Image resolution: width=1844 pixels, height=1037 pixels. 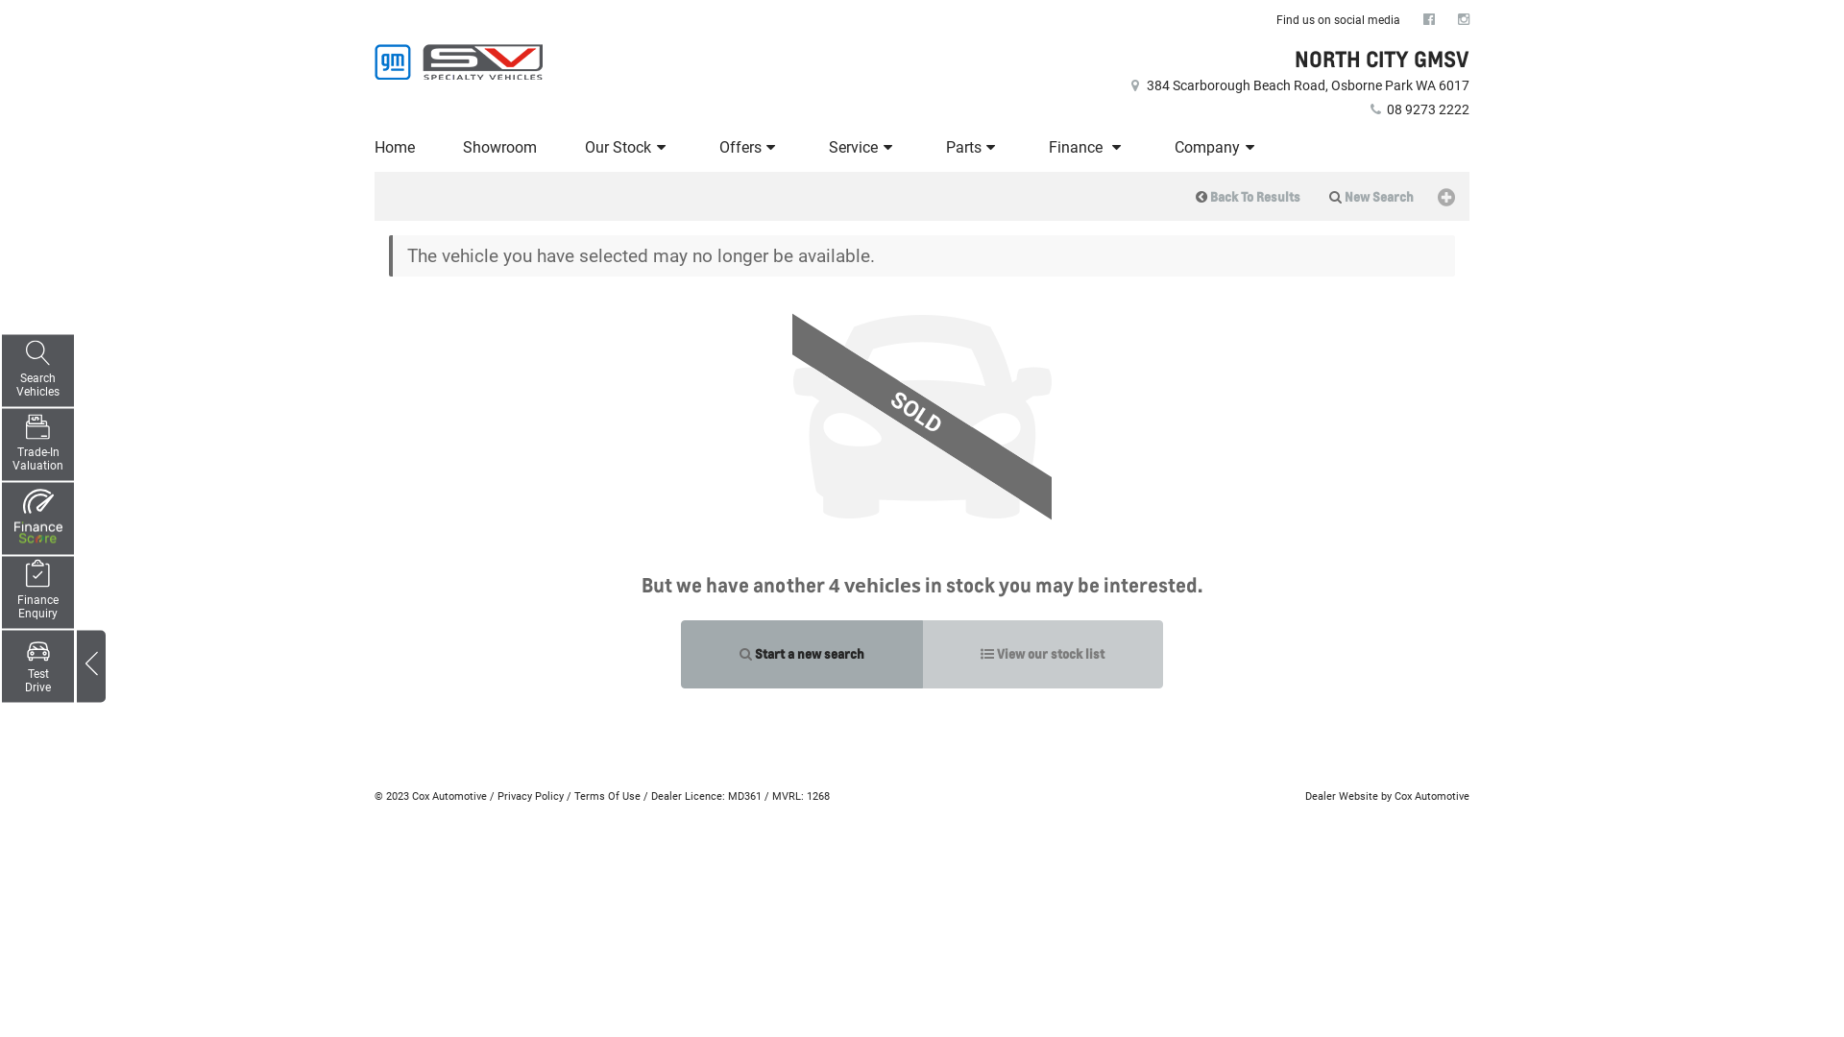 What do you see at coordinates (802, 653) in the screenshot?
I see `'Start a new search'` at bounding box center [802, 653].